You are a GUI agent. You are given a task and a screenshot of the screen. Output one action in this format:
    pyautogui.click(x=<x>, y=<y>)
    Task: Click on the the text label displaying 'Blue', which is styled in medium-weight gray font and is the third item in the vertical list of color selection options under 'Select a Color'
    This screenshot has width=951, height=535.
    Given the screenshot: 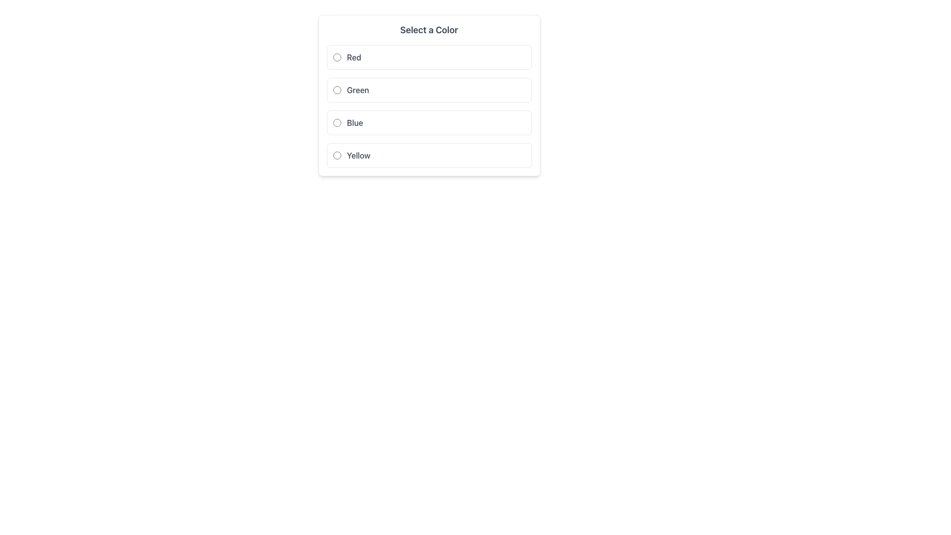 What is the action you would take?
    pyautogui.click(x=355, y=122)
    